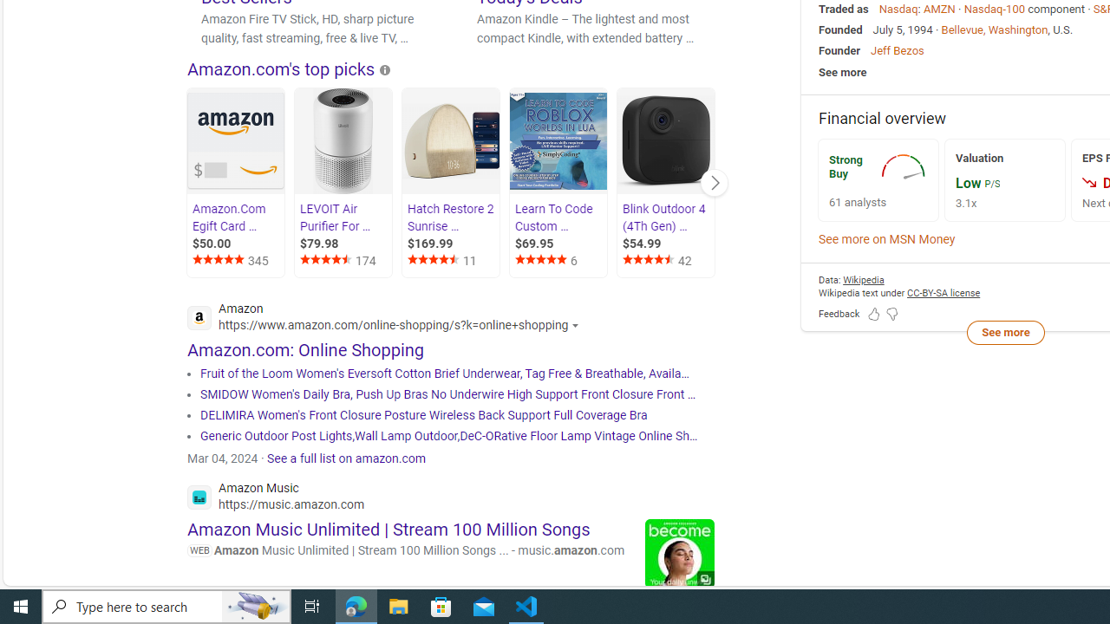 Image resolution: width=1110 pixels, height=624 pixels. Describe the element at coordinates (1005, 180) in the screenshot. I see `'Valuation Low P/S 3.1x'` at that location.